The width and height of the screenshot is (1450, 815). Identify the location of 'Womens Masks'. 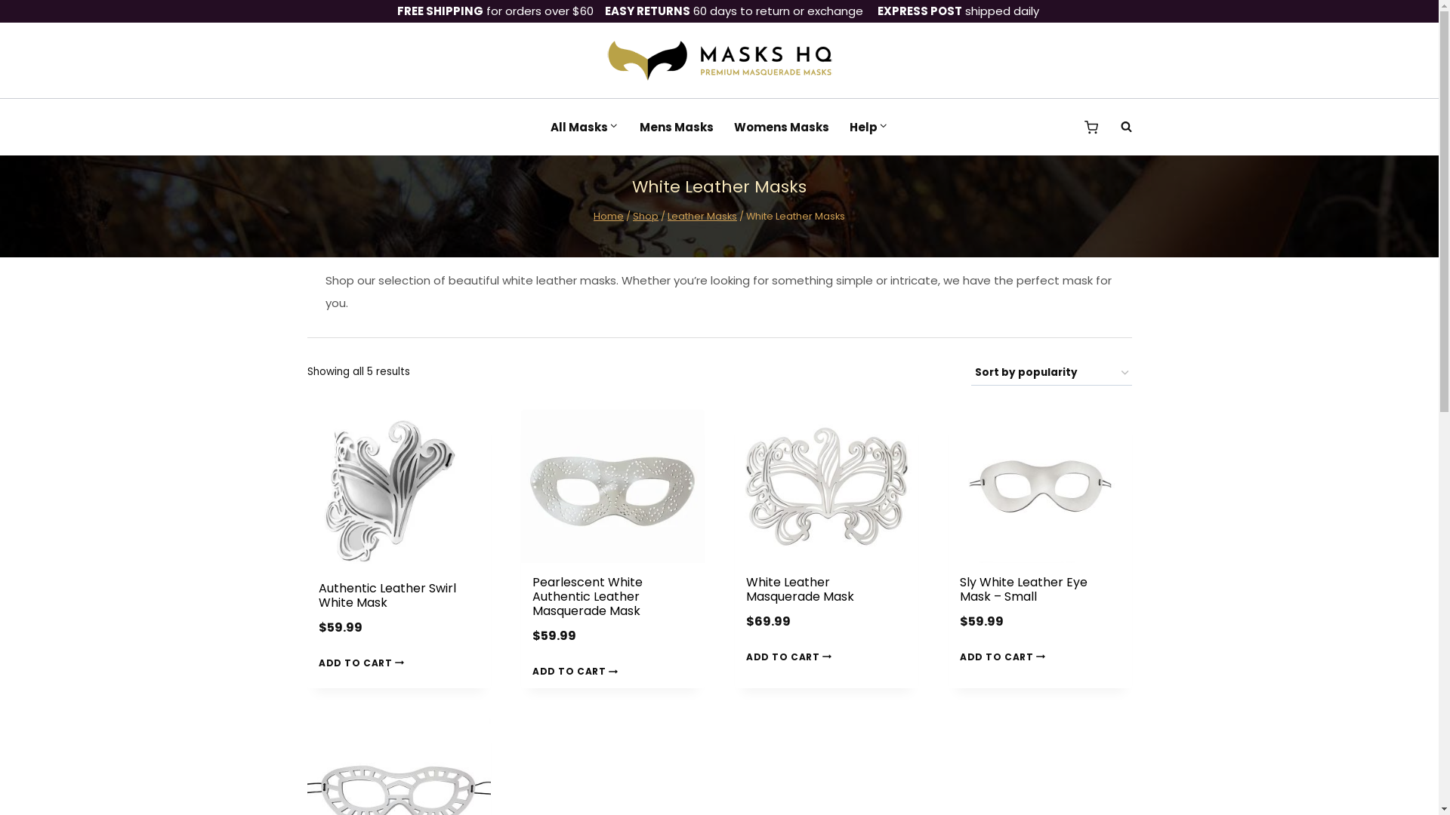
(781, 126).